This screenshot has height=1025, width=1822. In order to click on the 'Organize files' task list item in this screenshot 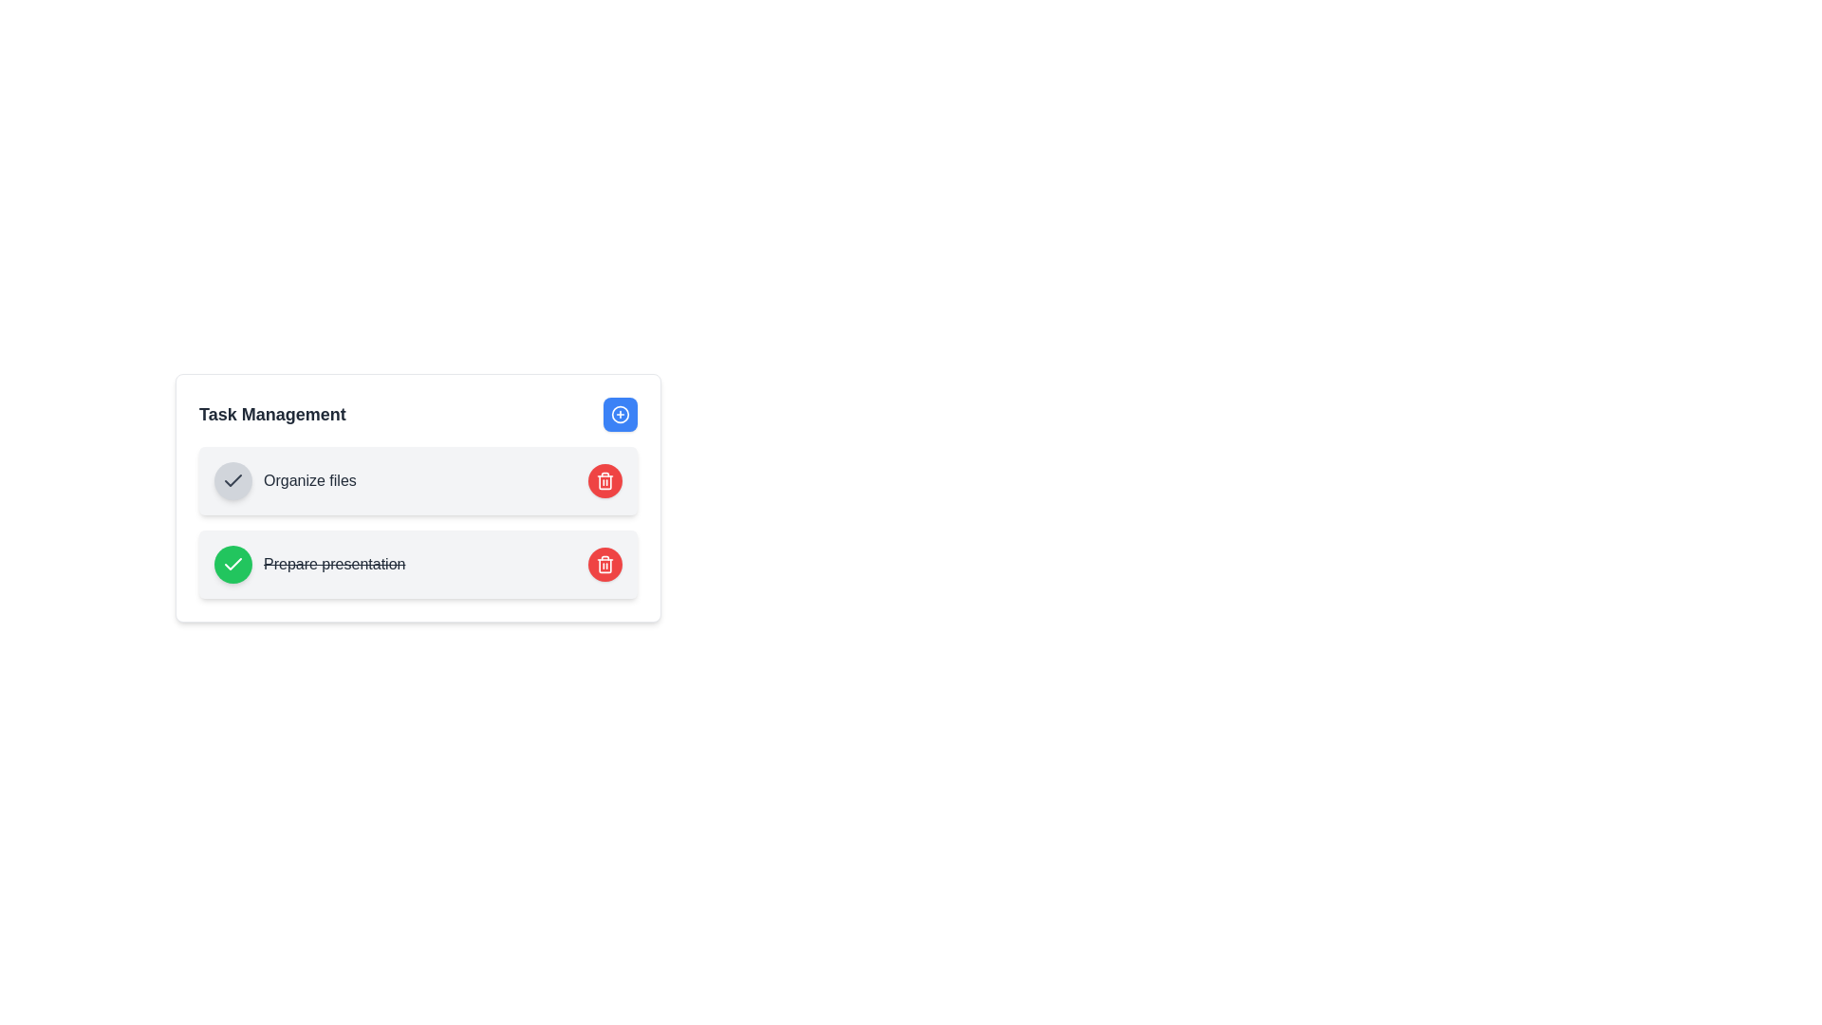, I will do `click(284, 479)`.